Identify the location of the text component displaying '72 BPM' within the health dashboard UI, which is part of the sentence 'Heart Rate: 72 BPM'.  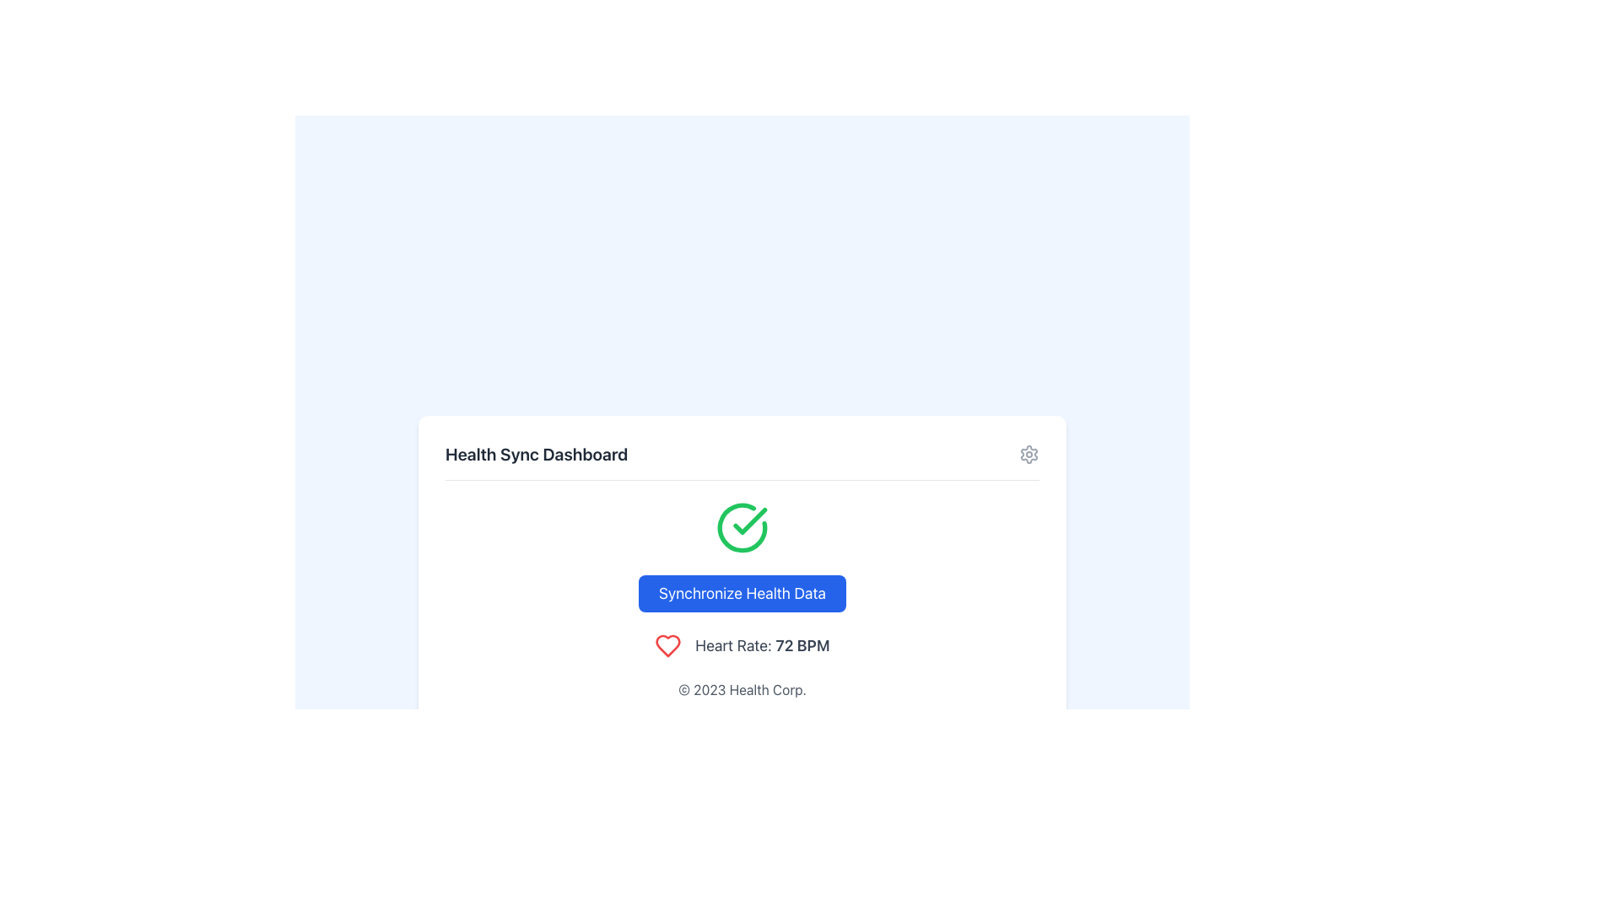
(802, 644).